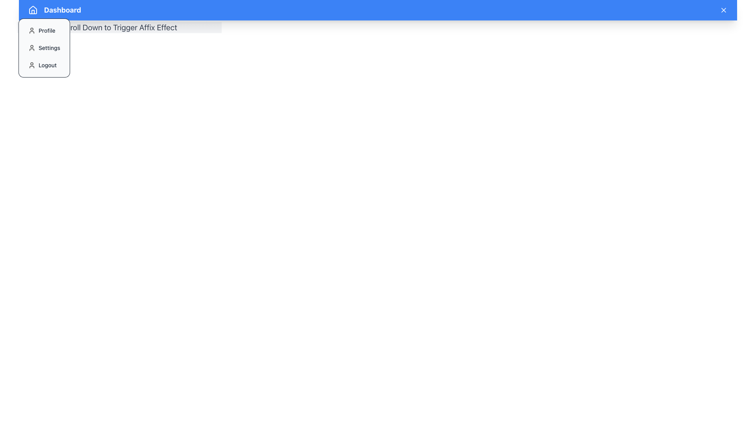  Describe the element at coordinates (31, 30) in the screenshot. I see `the user profile icon, which is a small SVG graphic located to the left of the 'Profile' menu item in the vertical dropdown menu` at that location.